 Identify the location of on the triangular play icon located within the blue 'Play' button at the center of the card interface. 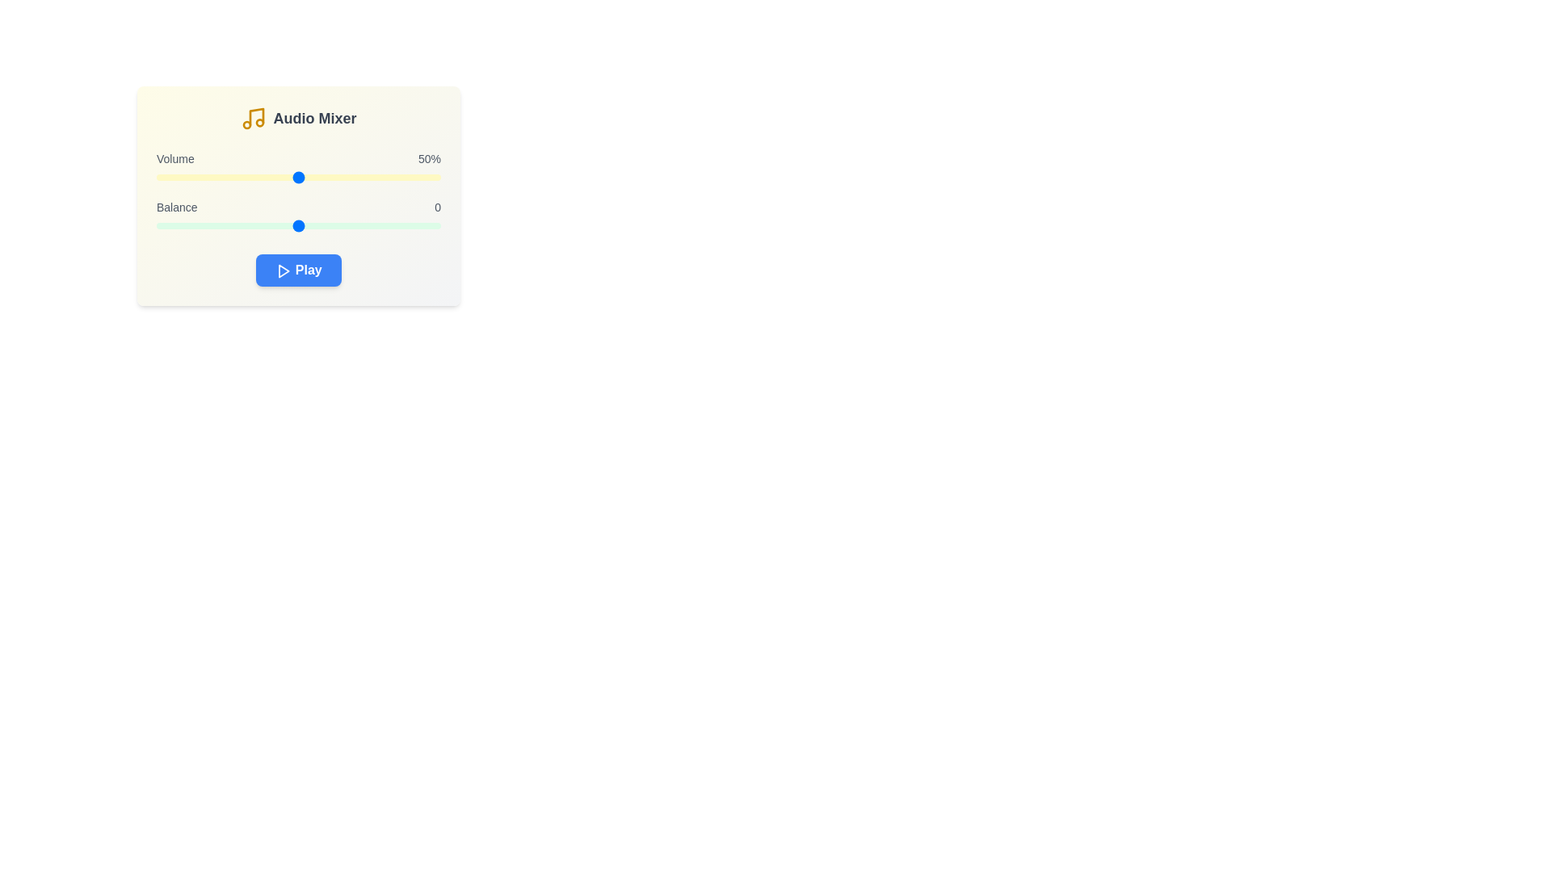
(284, 270).